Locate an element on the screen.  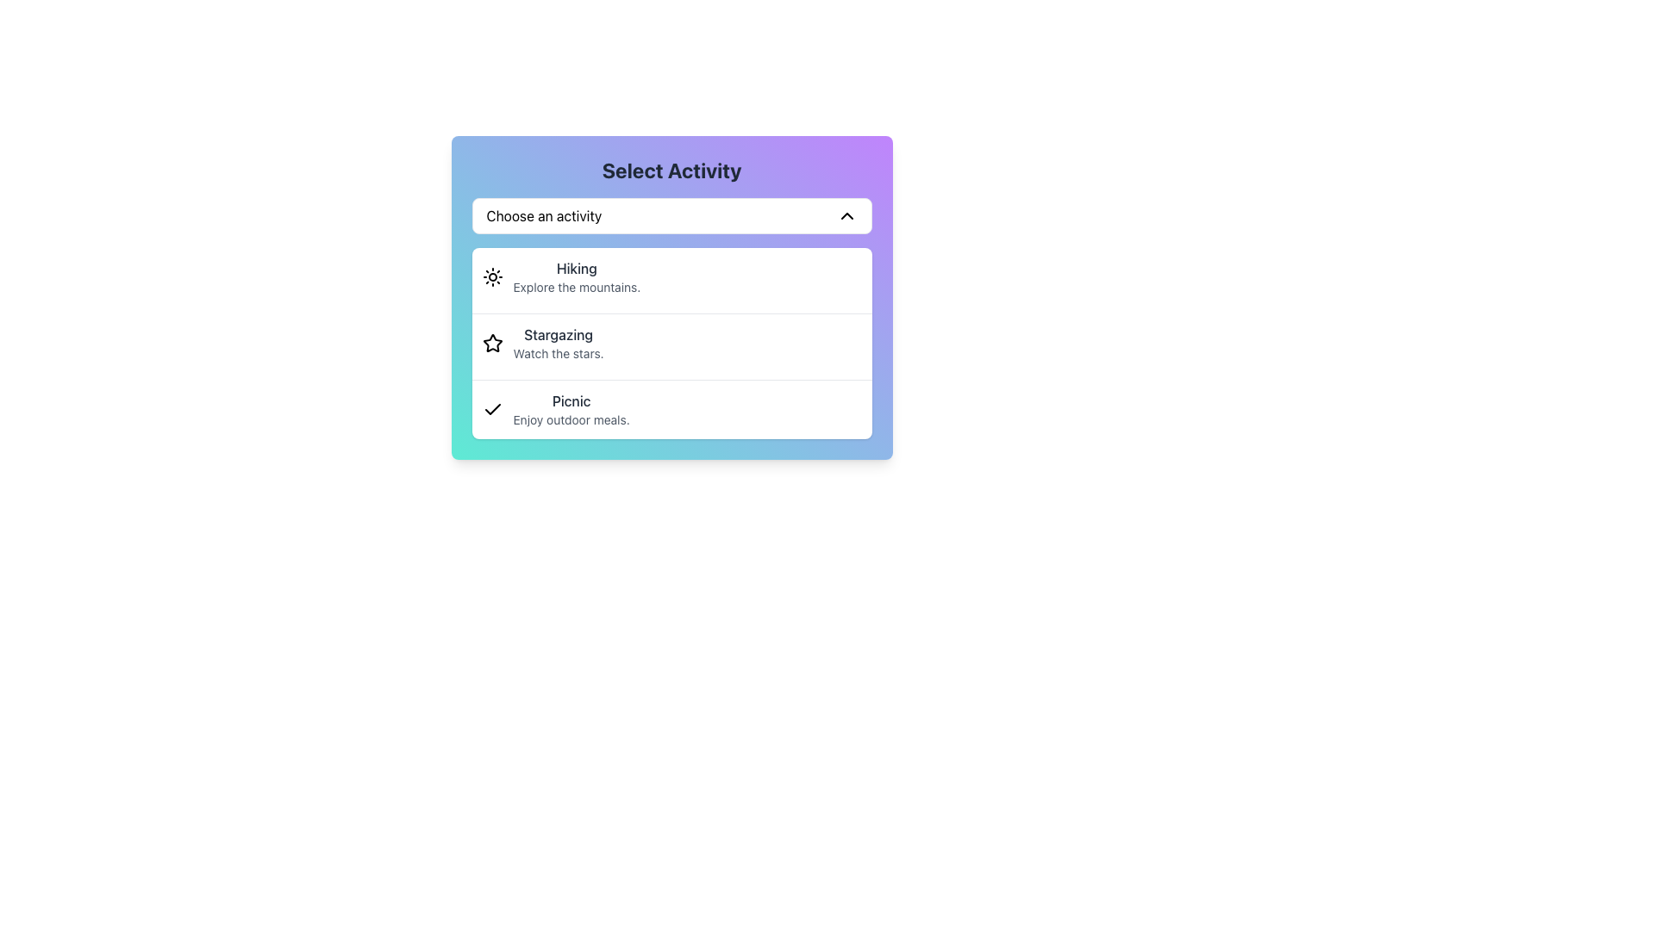
the text label displaying 'Picnic', which is the third option in the list under the header 'Select Activity' is located at coordinates (571, 401).